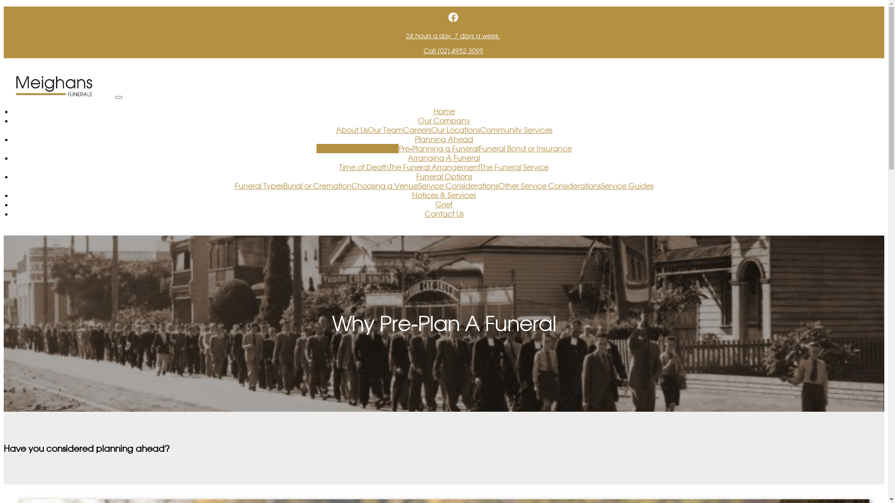 The image size is (895, 503). I want to click on 'Funeral Types', so click(259, 185).